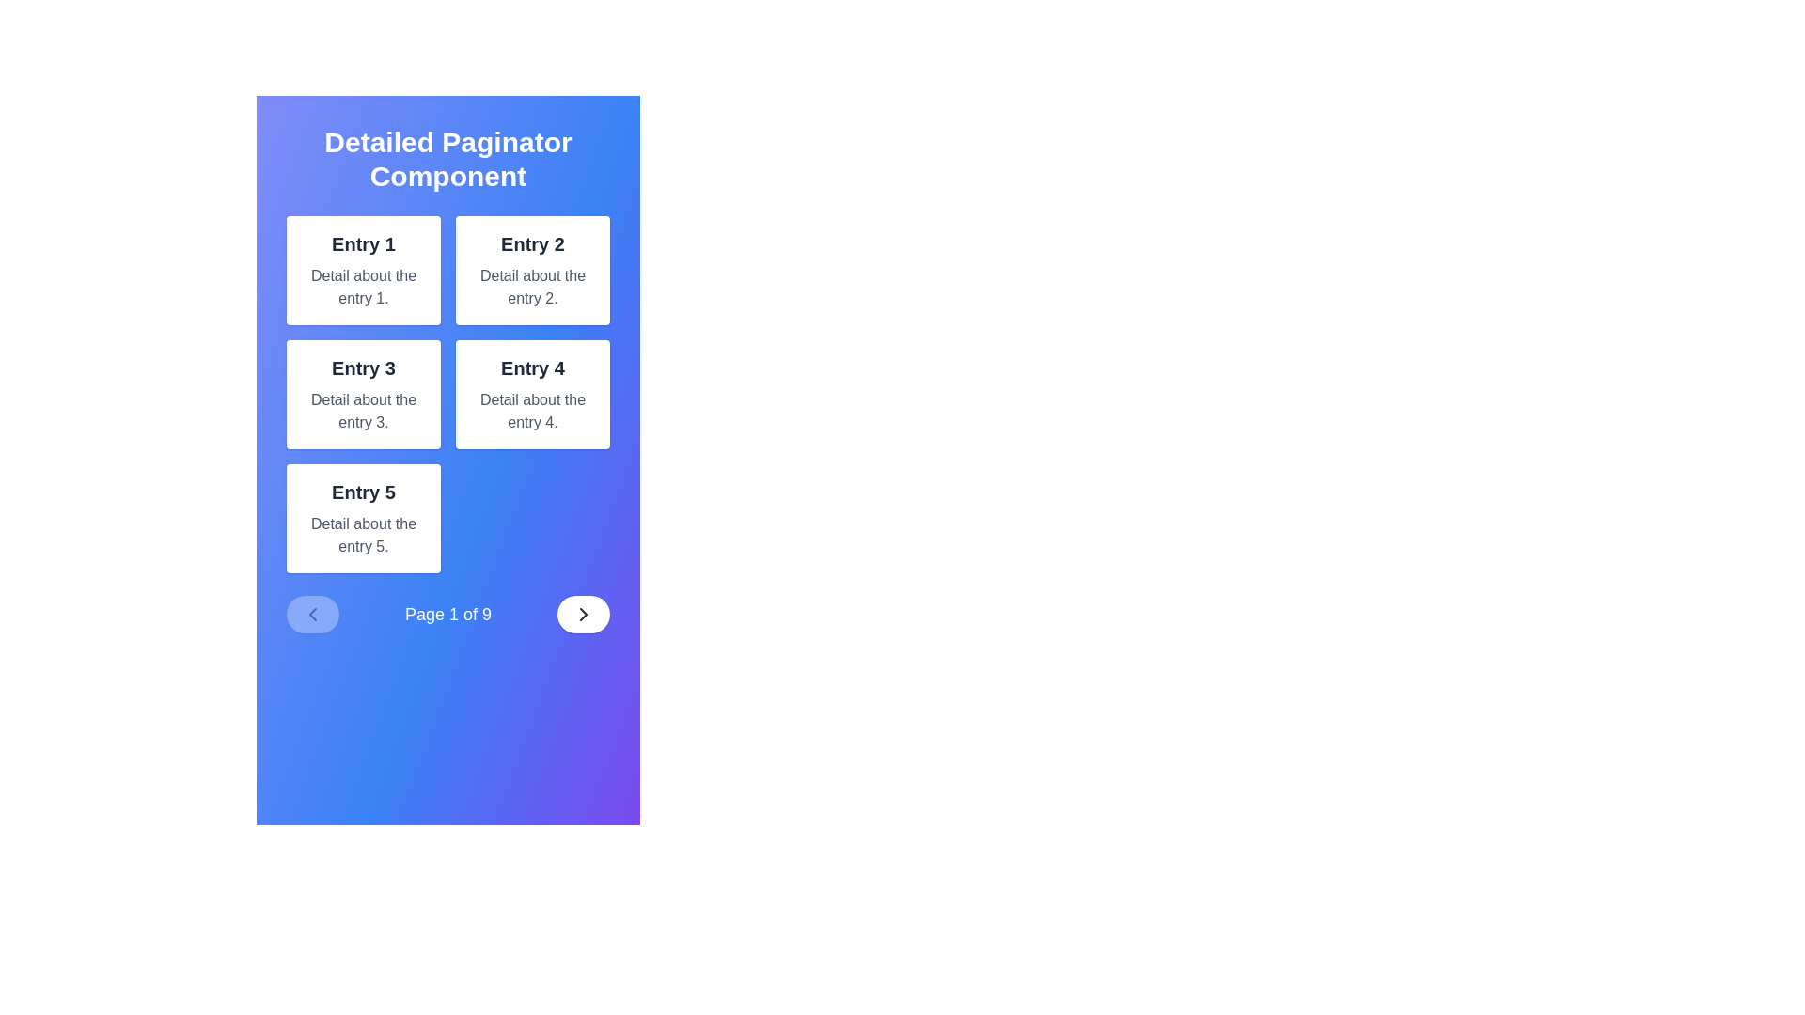 The image size is (1805, 1015). What do you see at coordinates (531, 394) in the screenshot?
I see `the Information card displaying a summary related to 'Entry 4', located in the second column and second row of the grid layout` at bounding box center [531, 394].